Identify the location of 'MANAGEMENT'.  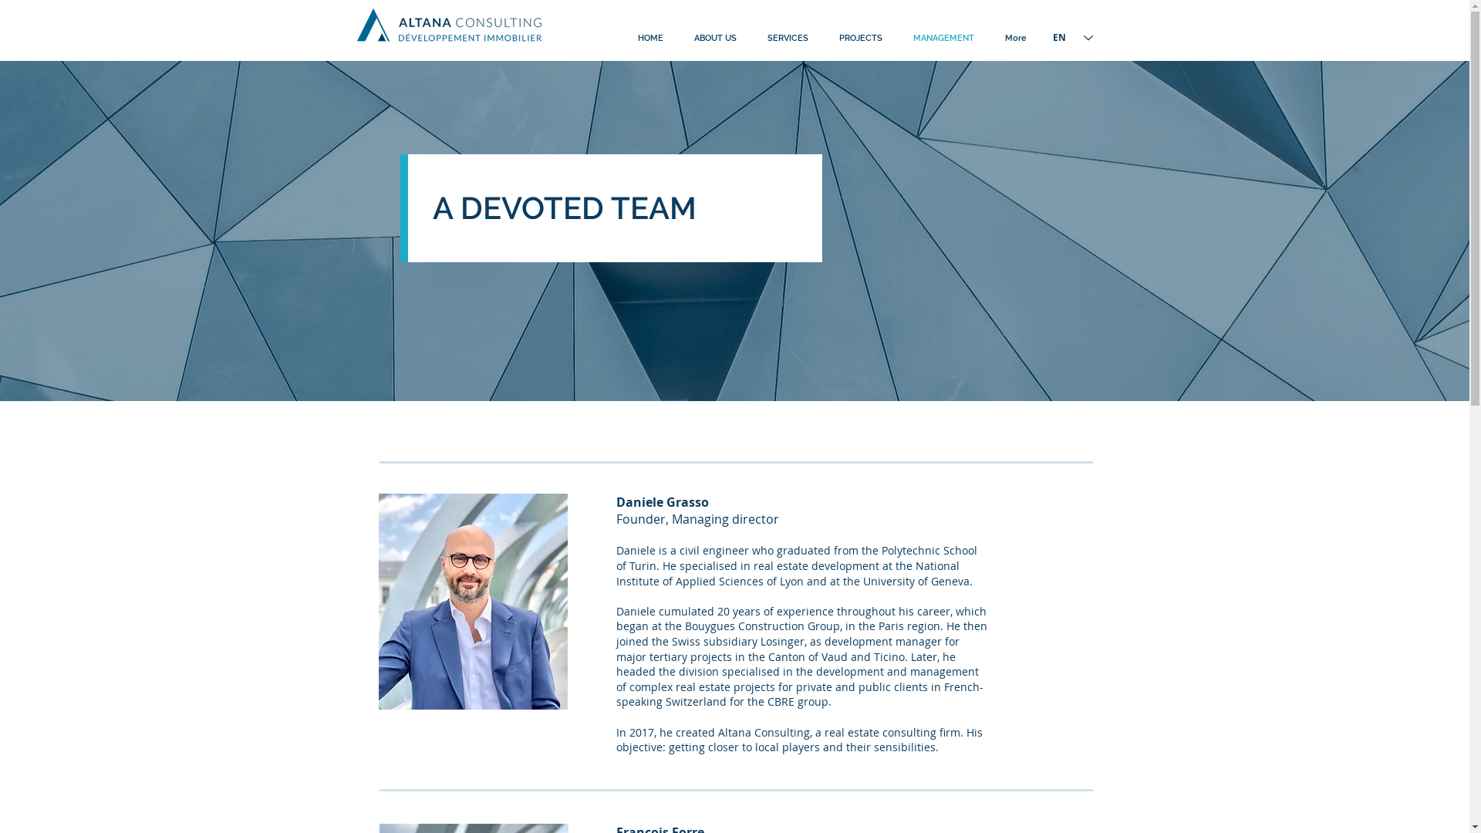
(943, 38).